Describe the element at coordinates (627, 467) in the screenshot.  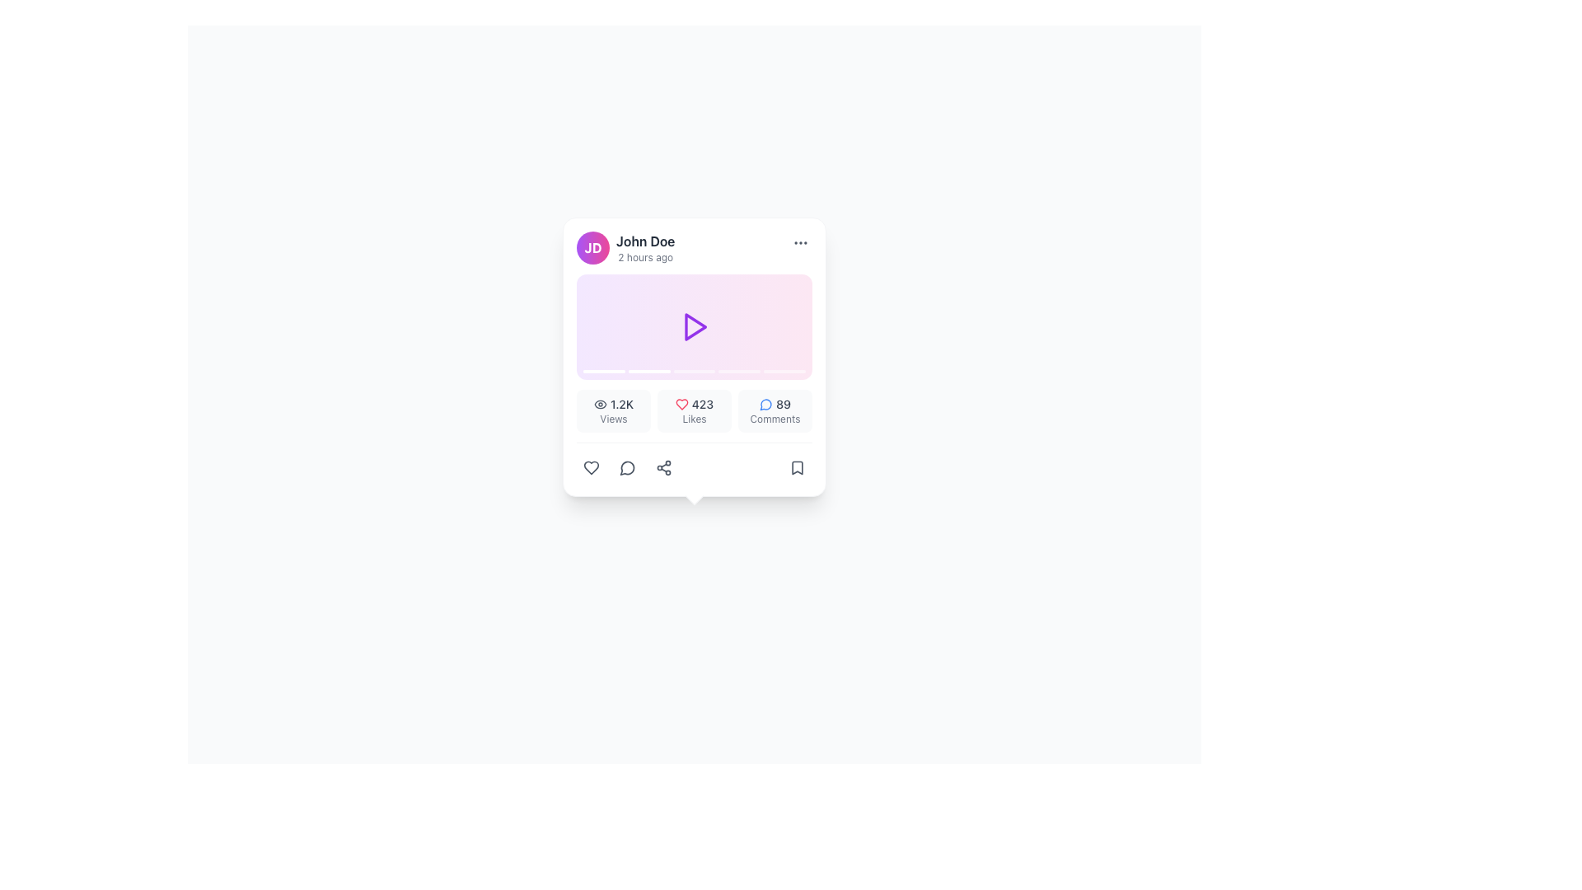
I see `the circular speech bubble button with a gray border and fill, located centrally in the bottom part of the card interface` at that location.